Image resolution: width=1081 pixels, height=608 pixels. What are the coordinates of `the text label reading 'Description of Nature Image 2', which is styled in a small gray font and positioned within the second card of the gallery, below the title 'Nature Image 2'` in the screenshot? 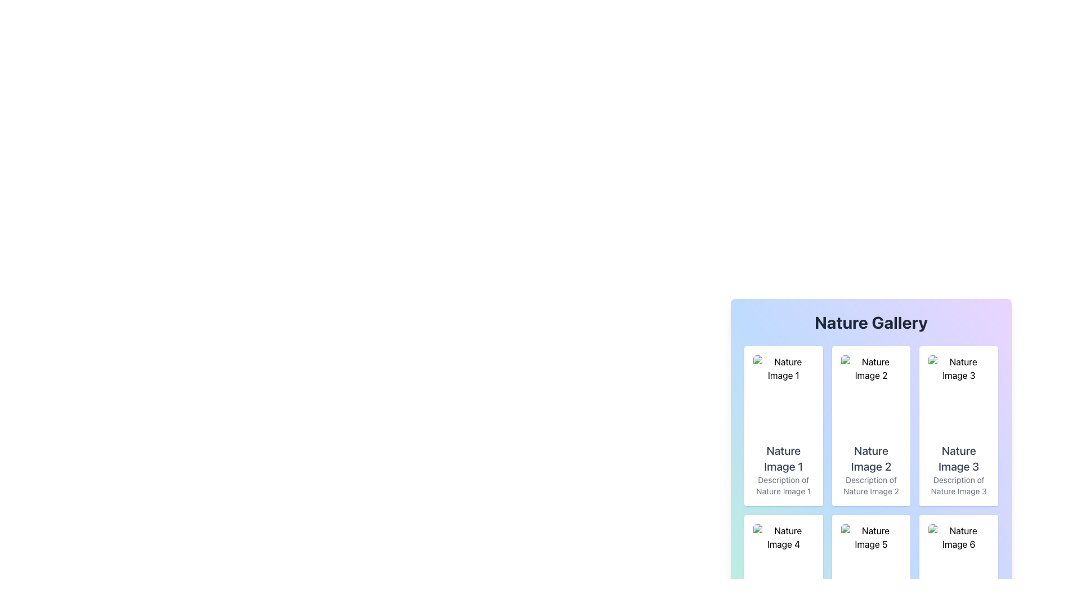 It's located at (870, 485).